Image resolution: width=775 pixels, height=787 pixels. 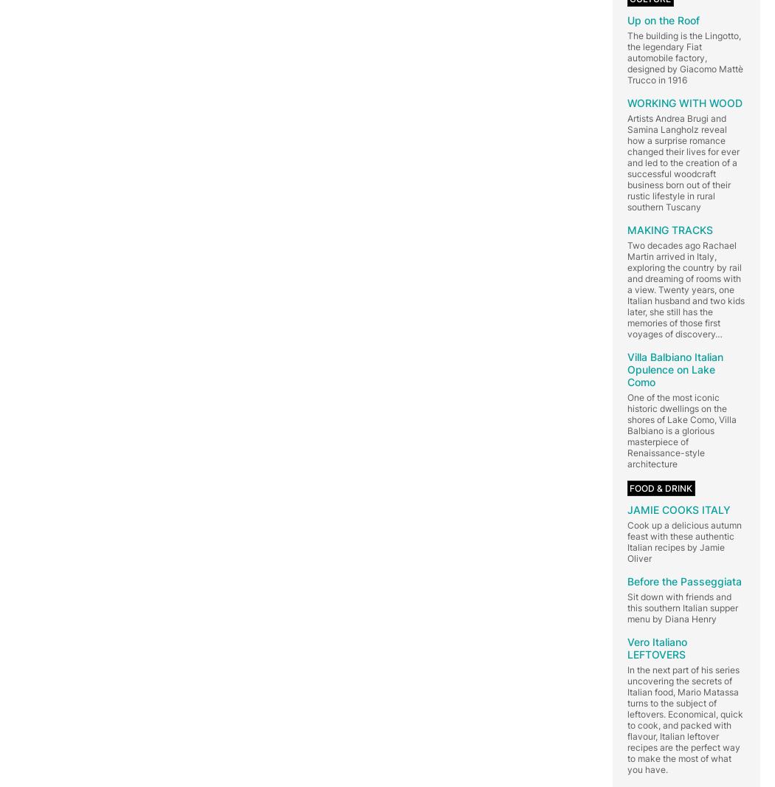 I want to click on 'Artists Andrea Brugi and Samina Langholz reveal how a surprise romance changed their lives for ever and led to the creation of a successful woodcraft business born out of their rustic lifestyle in rural southern Tuscany', so click(x=683, y=161).